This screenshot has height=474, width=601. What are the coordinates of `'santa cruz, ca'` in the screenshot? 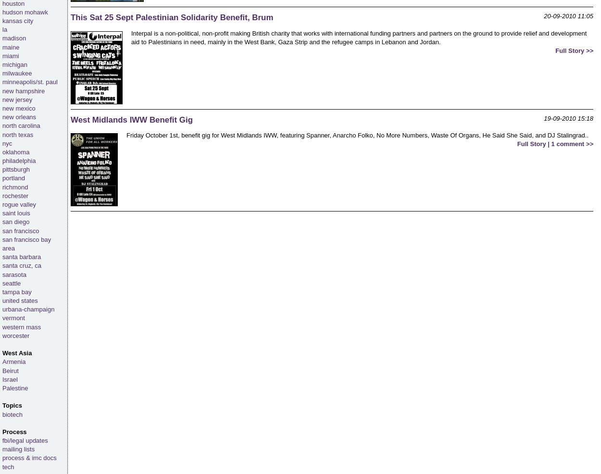 It's located at (22, 265).